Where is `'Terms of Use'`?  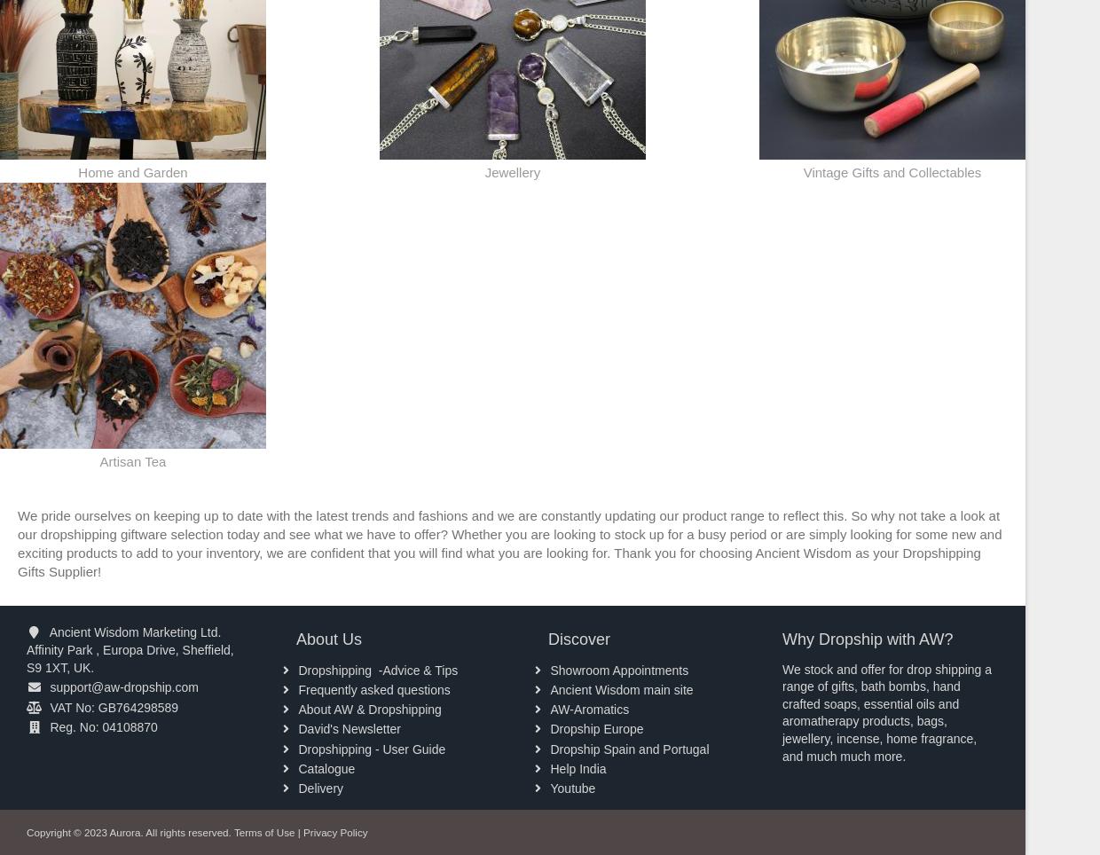 'Terms of Use' is located at coordinates (263, 832).